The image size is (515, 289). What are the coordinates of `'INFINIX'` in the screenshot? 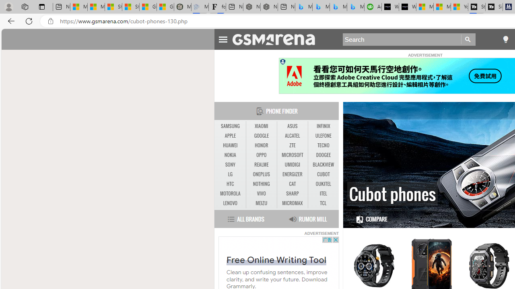 It's located at (323, 126).